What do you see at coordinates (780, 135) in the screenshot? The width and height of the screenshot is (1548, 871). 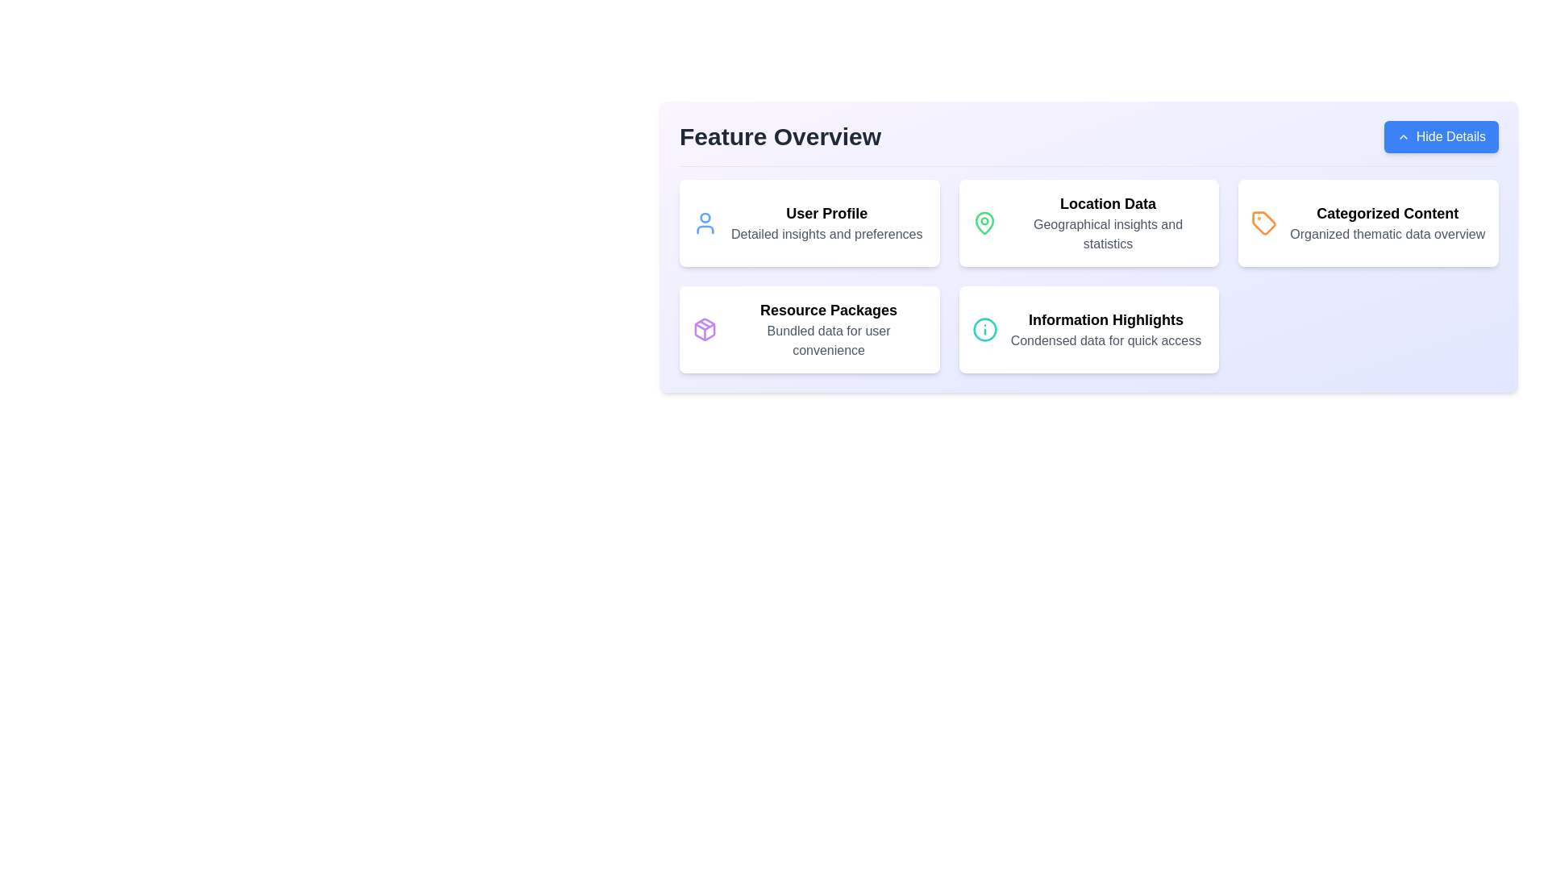 I see `the text label displaying 'Feature Overview', which is styled in bold and large font and located in the header region` at bounding box center [780, 135].